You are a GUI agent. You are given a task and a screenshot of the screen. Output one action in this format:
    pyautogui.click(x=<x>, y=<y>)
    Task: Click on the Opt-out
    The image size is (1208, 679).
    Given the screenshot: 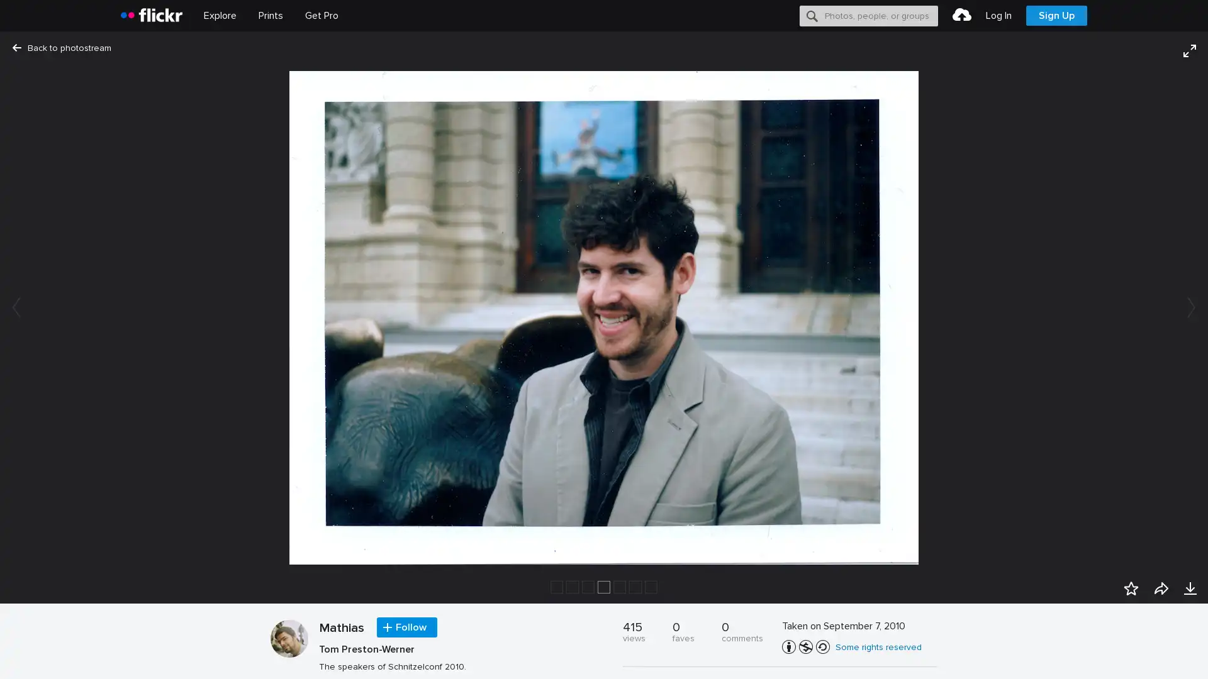 What is the action you would take?
    pyautogui.click(x=1017, y=654)
    